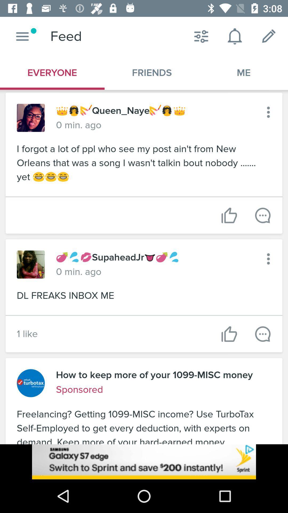 The width and height of the screenshot is (288, 513). Describe the element at coordinates (229, 215) in the screenshot. I see `like` at that location.